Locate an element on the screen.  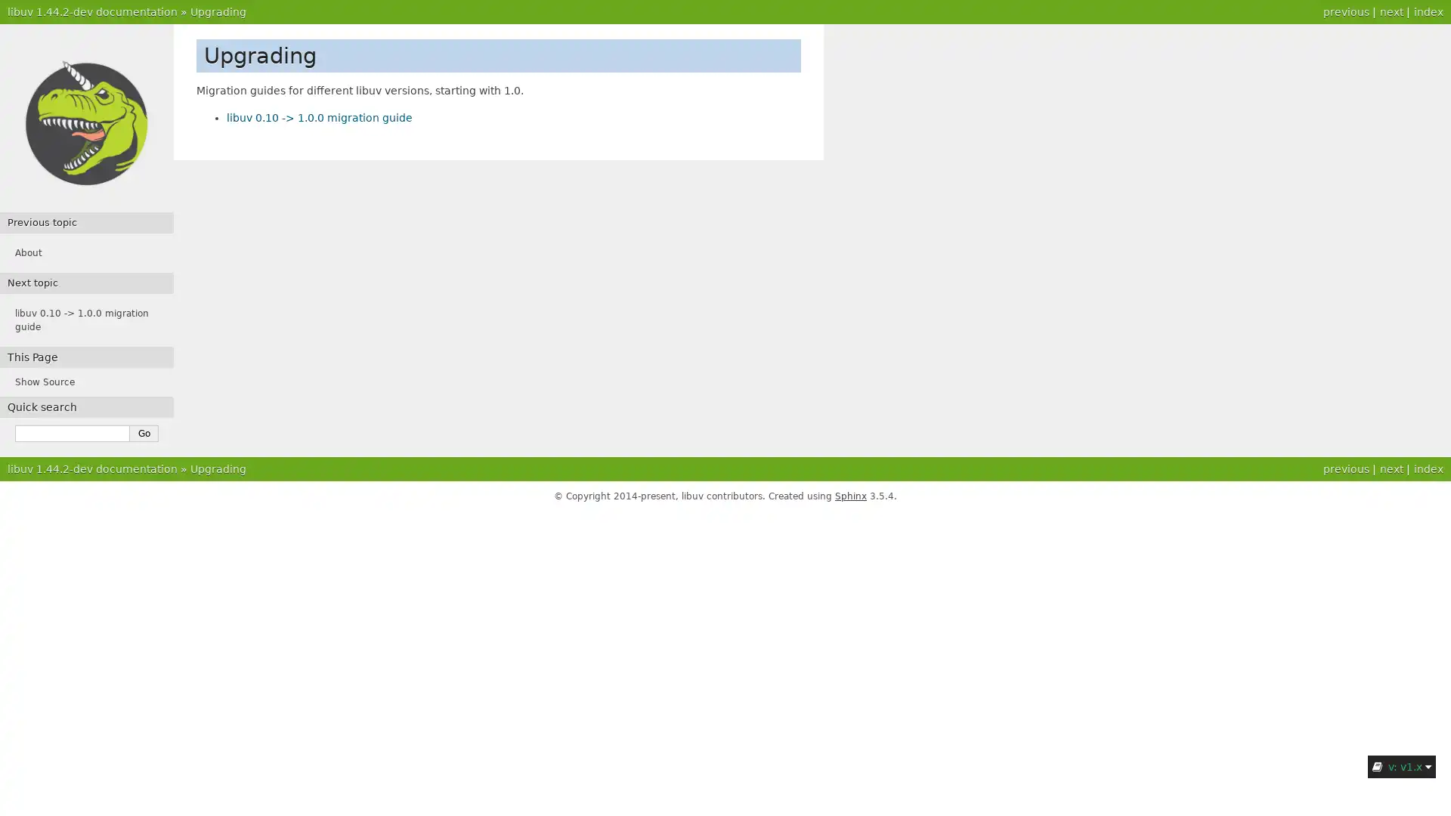
Go is located at coordinates (144, 434).